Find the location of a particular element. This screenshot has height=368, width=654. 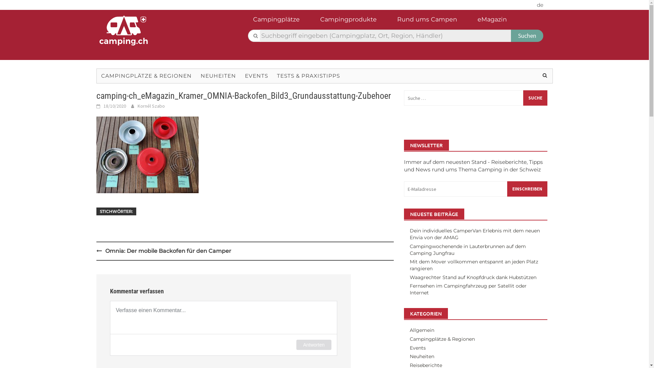

'Rund ums Campen' is located at coordinates (433, 21).